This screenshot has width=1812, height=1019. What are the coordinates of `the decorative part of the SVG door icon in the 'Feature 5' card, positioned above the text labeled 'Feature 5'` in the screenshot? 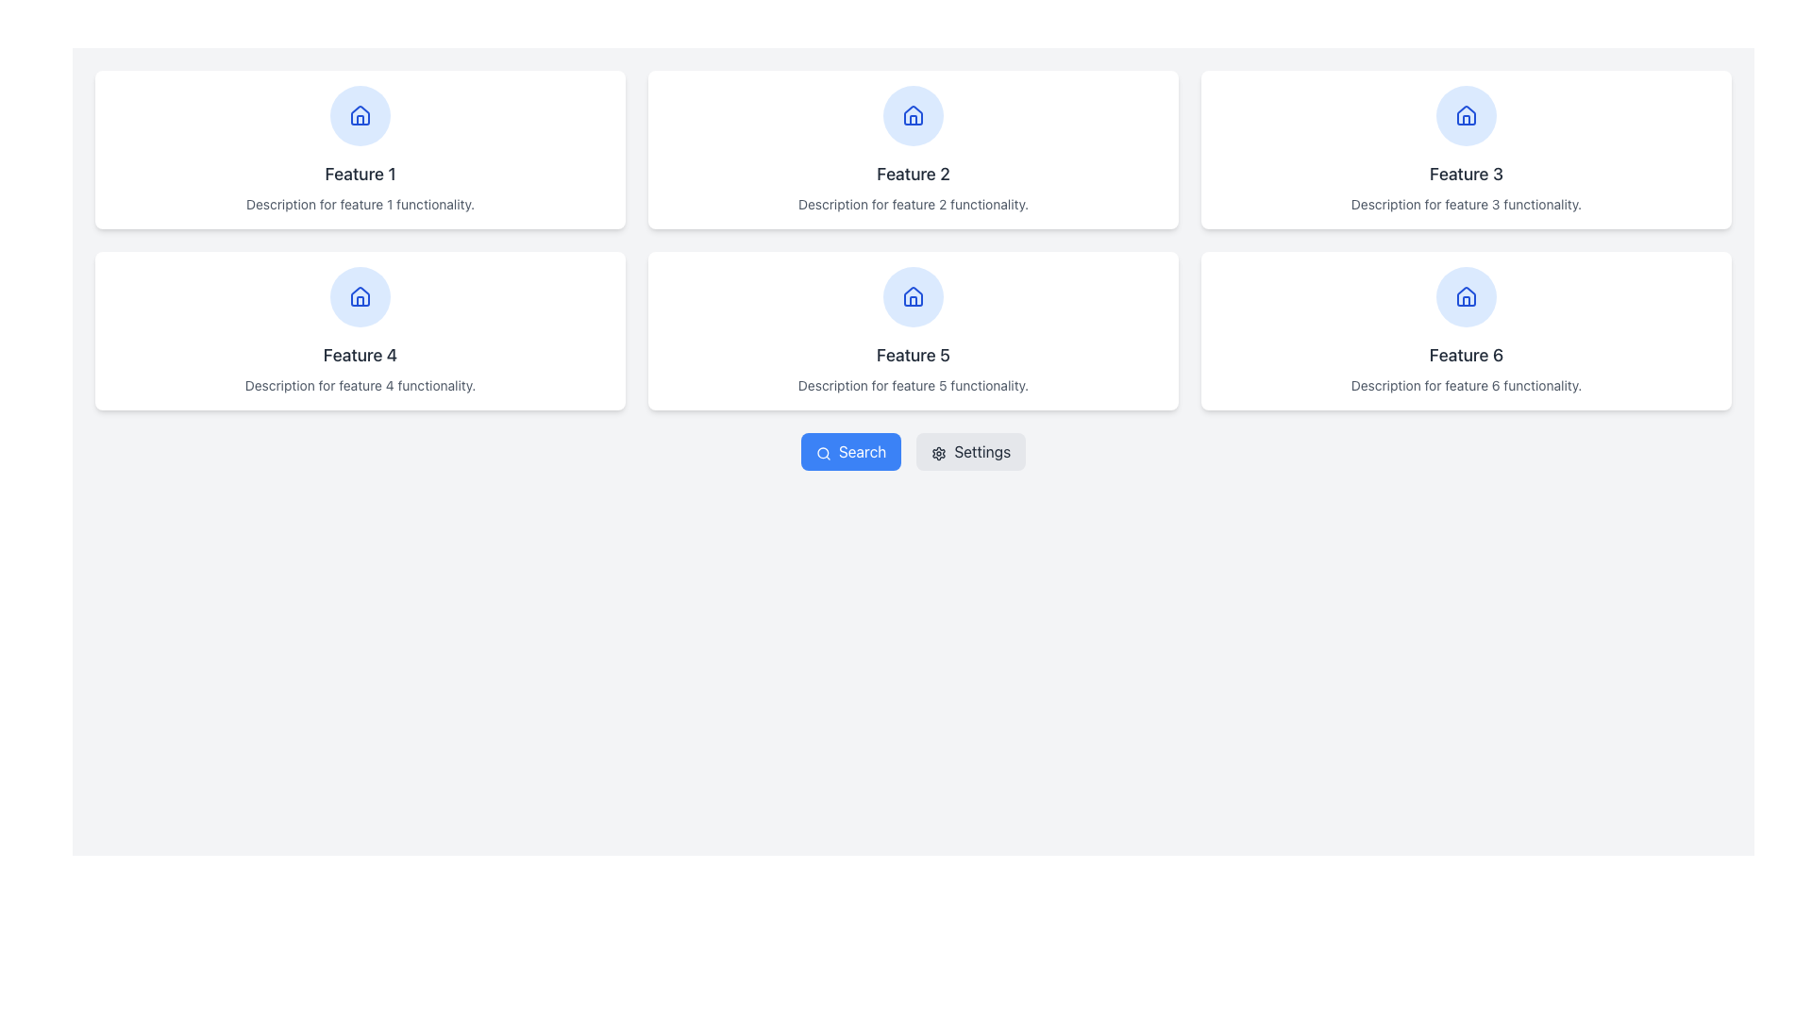 It's located at (914, 300).